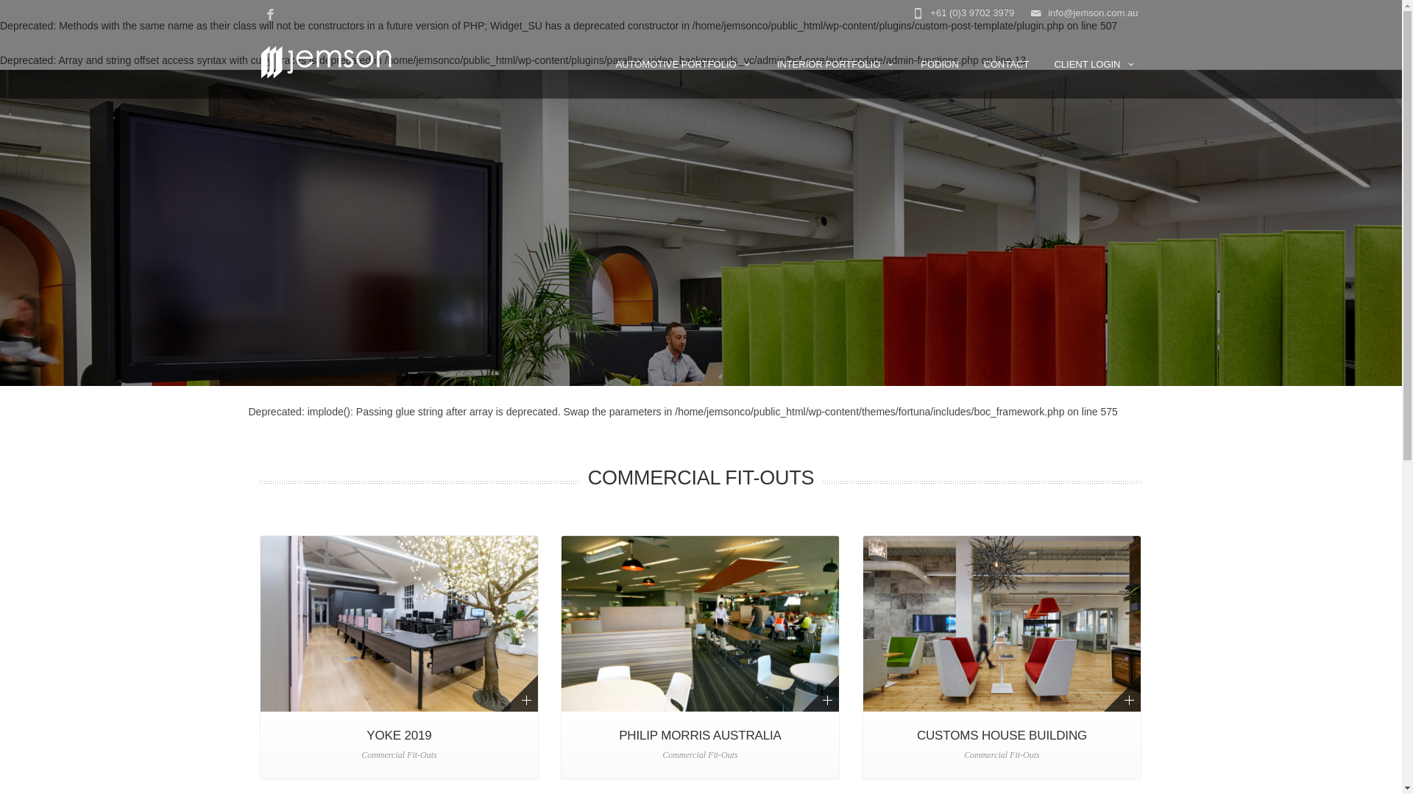  What do you see at coordinates (1002, 657) in the screenshot?
I see `'CUSTOMS HOUSE BUILDING` at bounding box center [1002, 657].